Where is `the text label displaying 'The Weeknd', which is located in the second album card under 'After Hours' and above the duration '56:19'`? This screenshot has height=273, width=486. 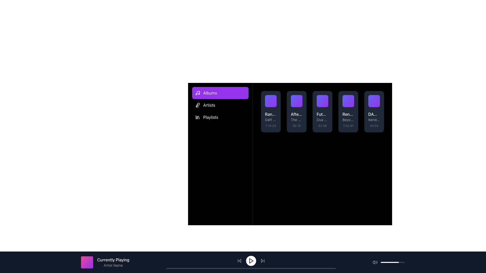 the text label displaying 'The Weeknd', which is located in the second album card under 'After Hours' and above the duration '56:19' is located at coordinates (296, 120).